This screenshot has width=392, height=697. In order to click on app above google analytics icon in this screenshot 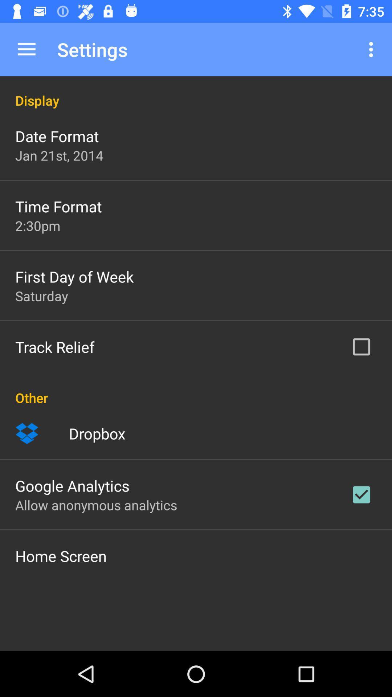, I will do `click(97, 433)`.